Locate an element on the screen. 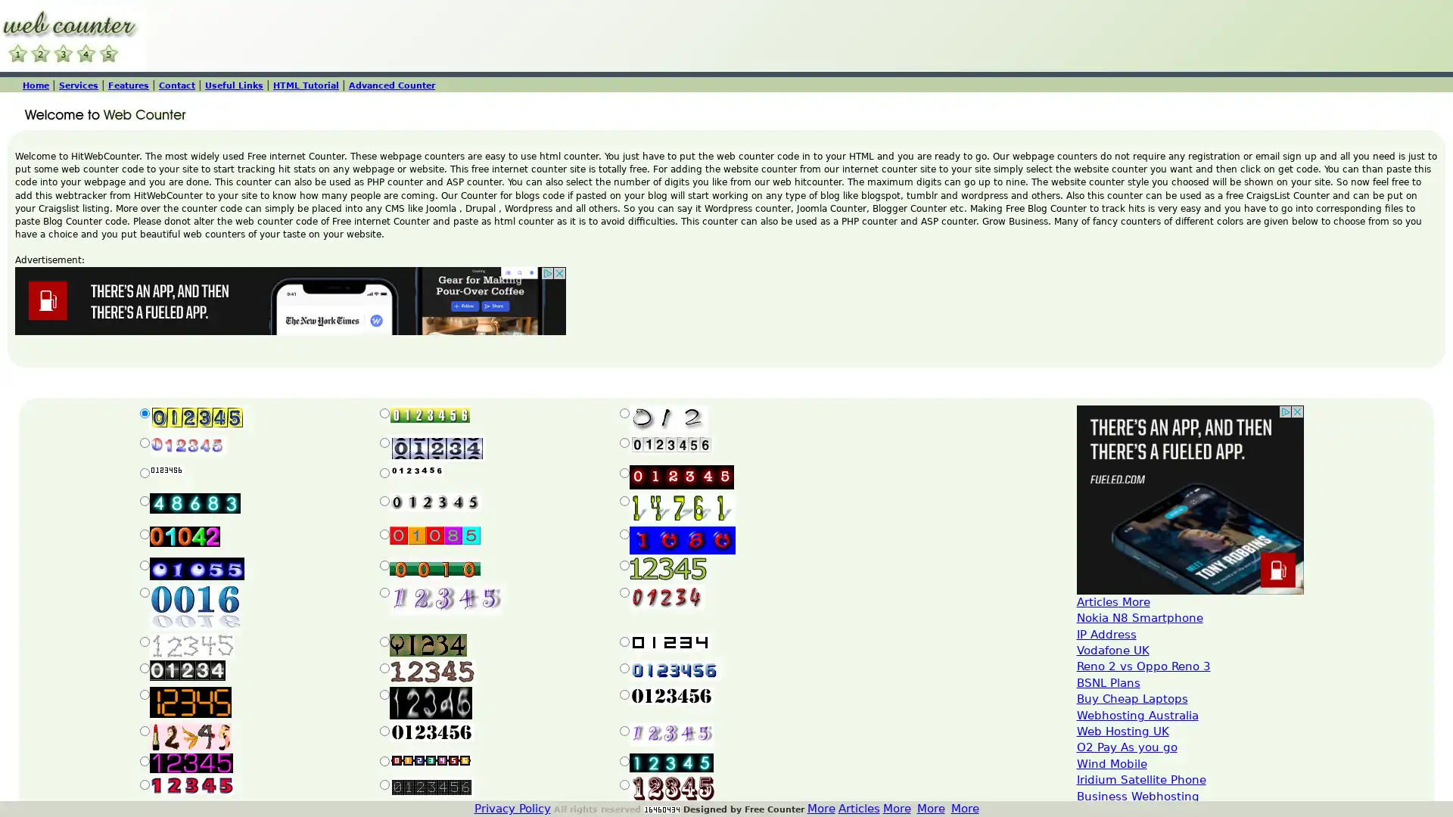 Image resolution: width=1453 pixels, height=817 pixels. Submit is located at coordinates (667, 418).